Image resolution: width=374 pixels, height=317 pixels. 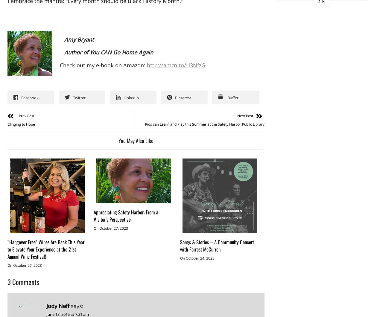 What do you see at coordinates (183, 98) in the screenshot?
I see `'Pinterest'` at bounding box center [183, 98].